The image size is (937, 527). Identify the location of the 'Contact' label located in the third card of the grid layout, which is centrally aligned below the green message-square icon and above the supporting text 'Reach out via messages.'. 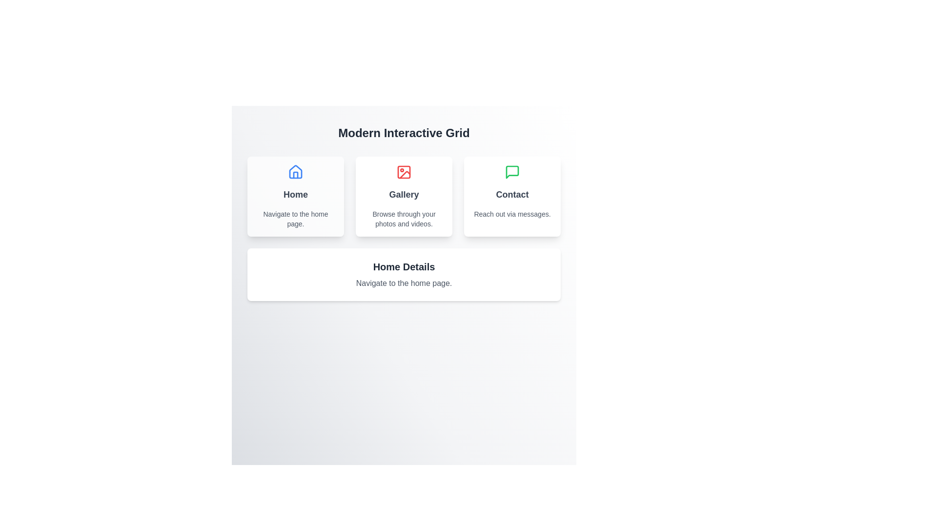
(512, 194).